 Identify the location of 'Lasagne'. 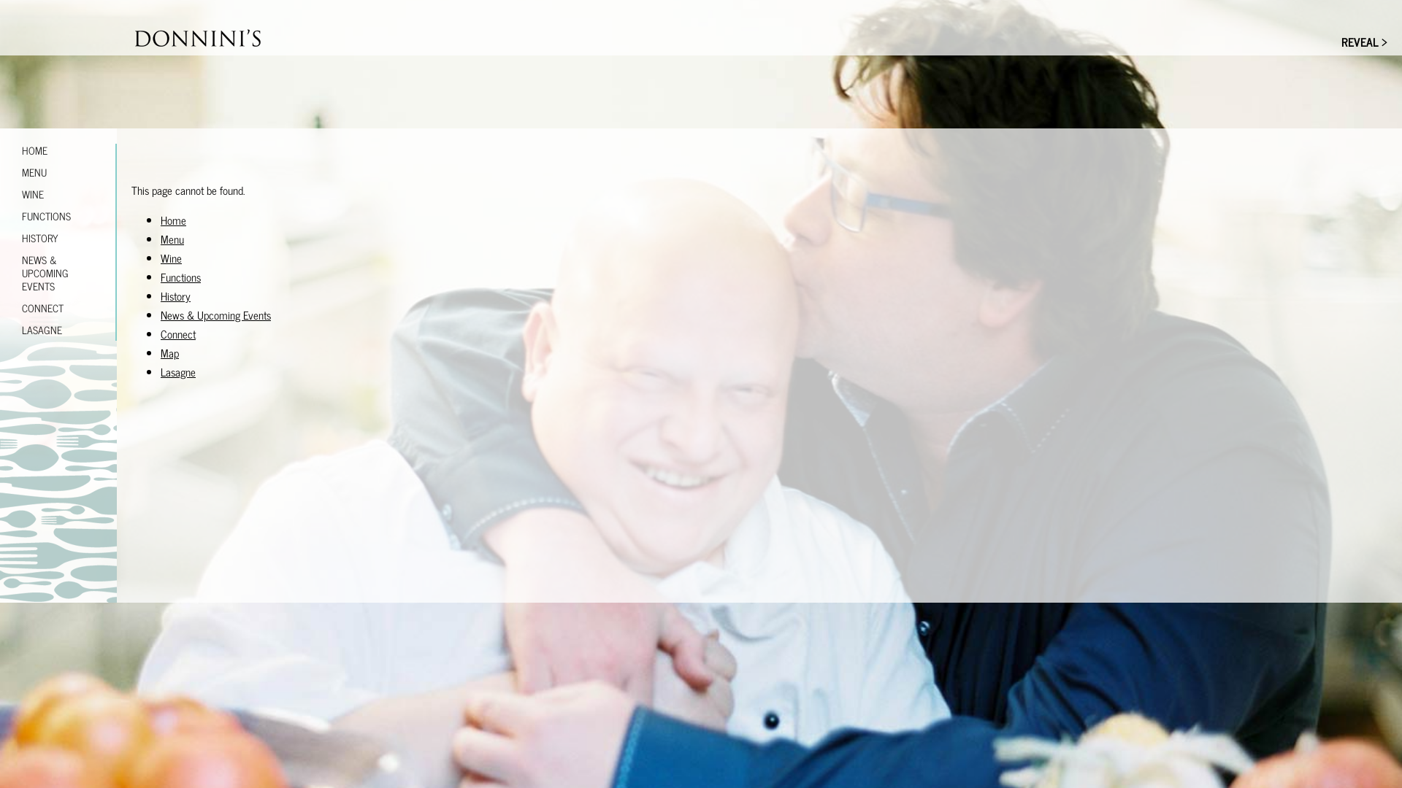
(177, 371).